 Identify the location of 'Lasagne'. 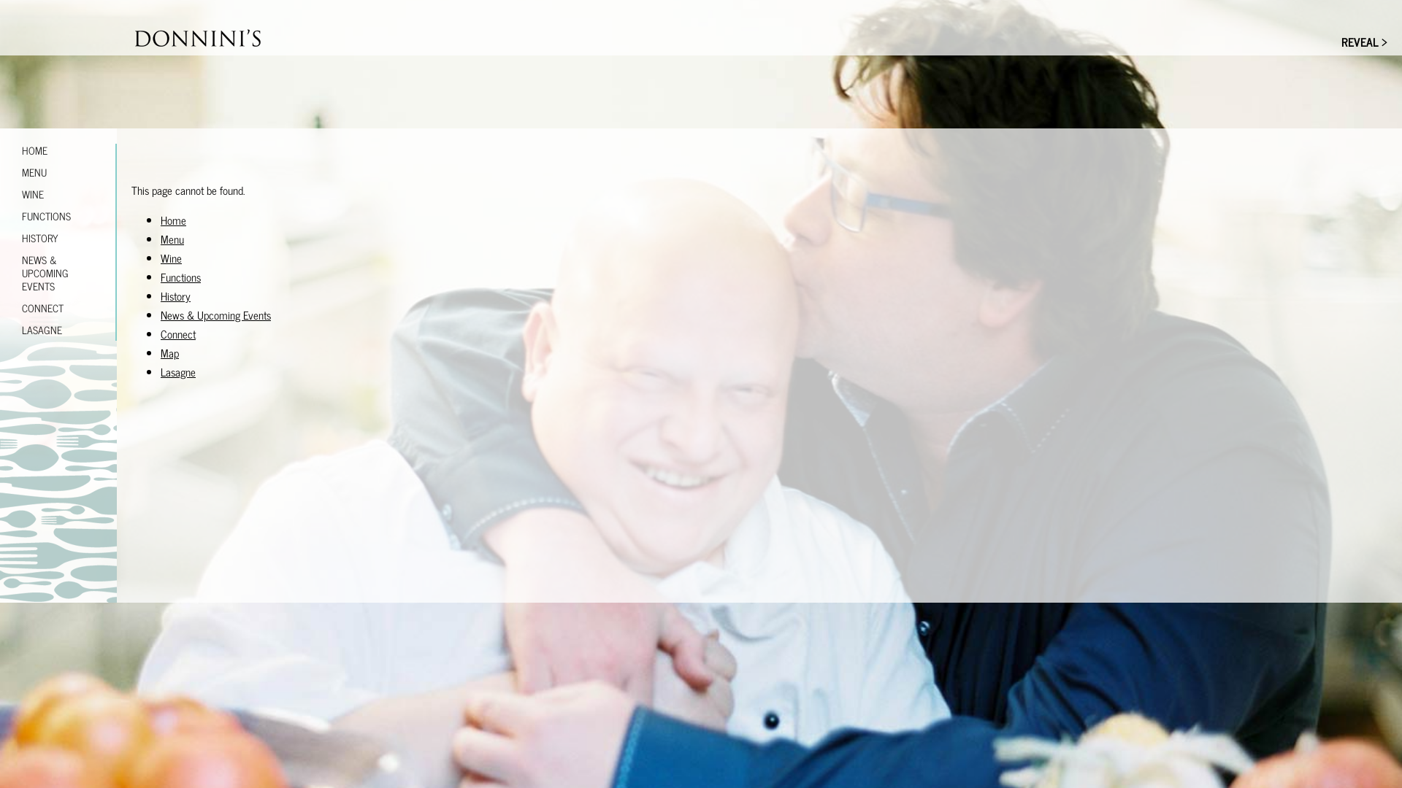
(177, 371).